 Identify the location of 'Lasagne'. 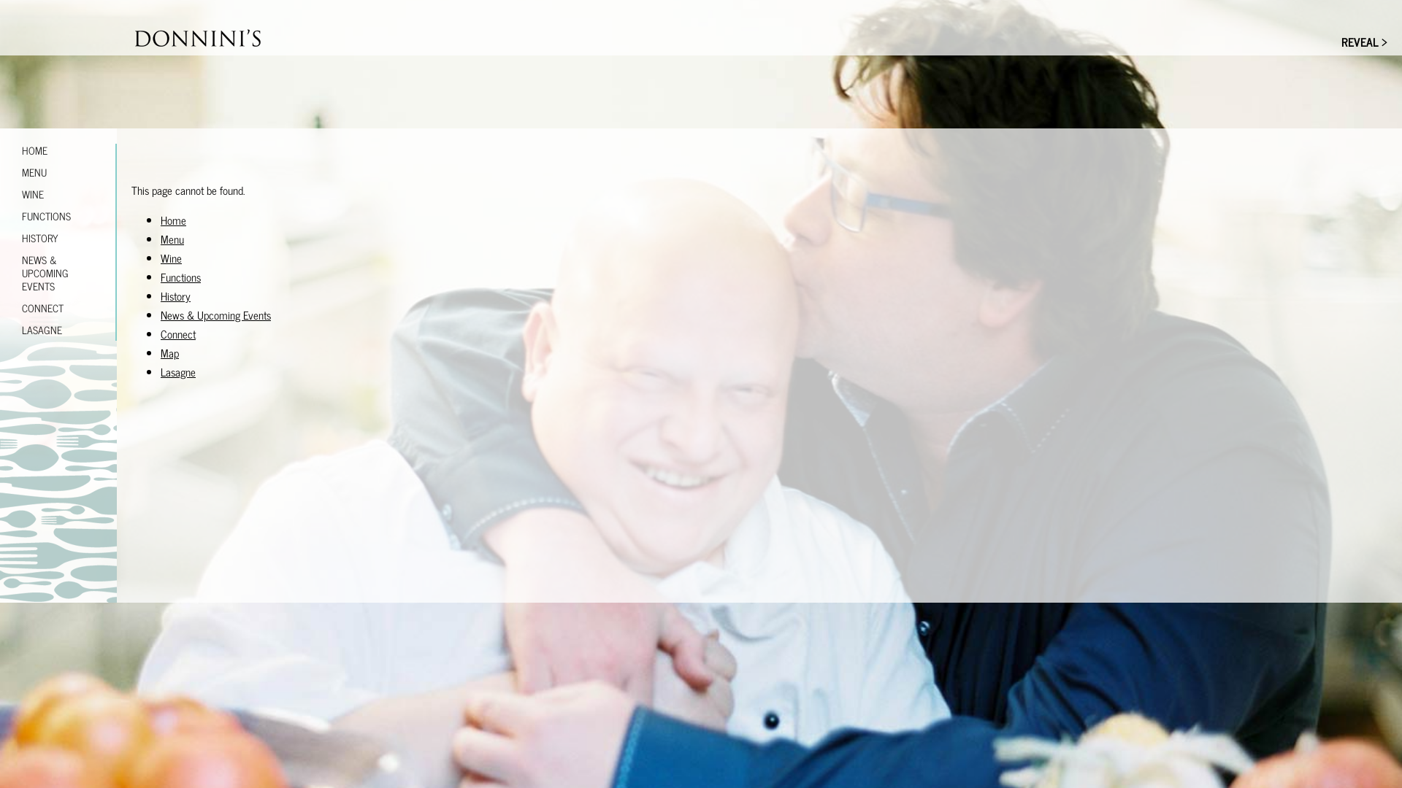
(177, 371).